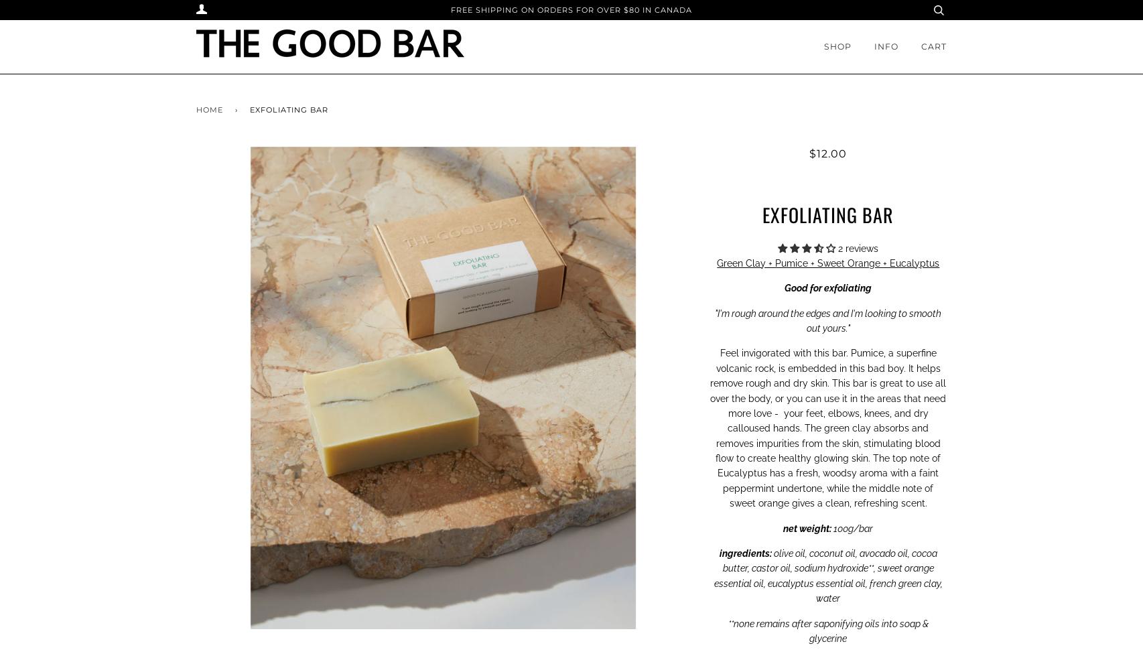 The image size is (1143, 658). Describe the element at coordinates (933, 46) in the screenshot. I see `'Cart'` at that location.